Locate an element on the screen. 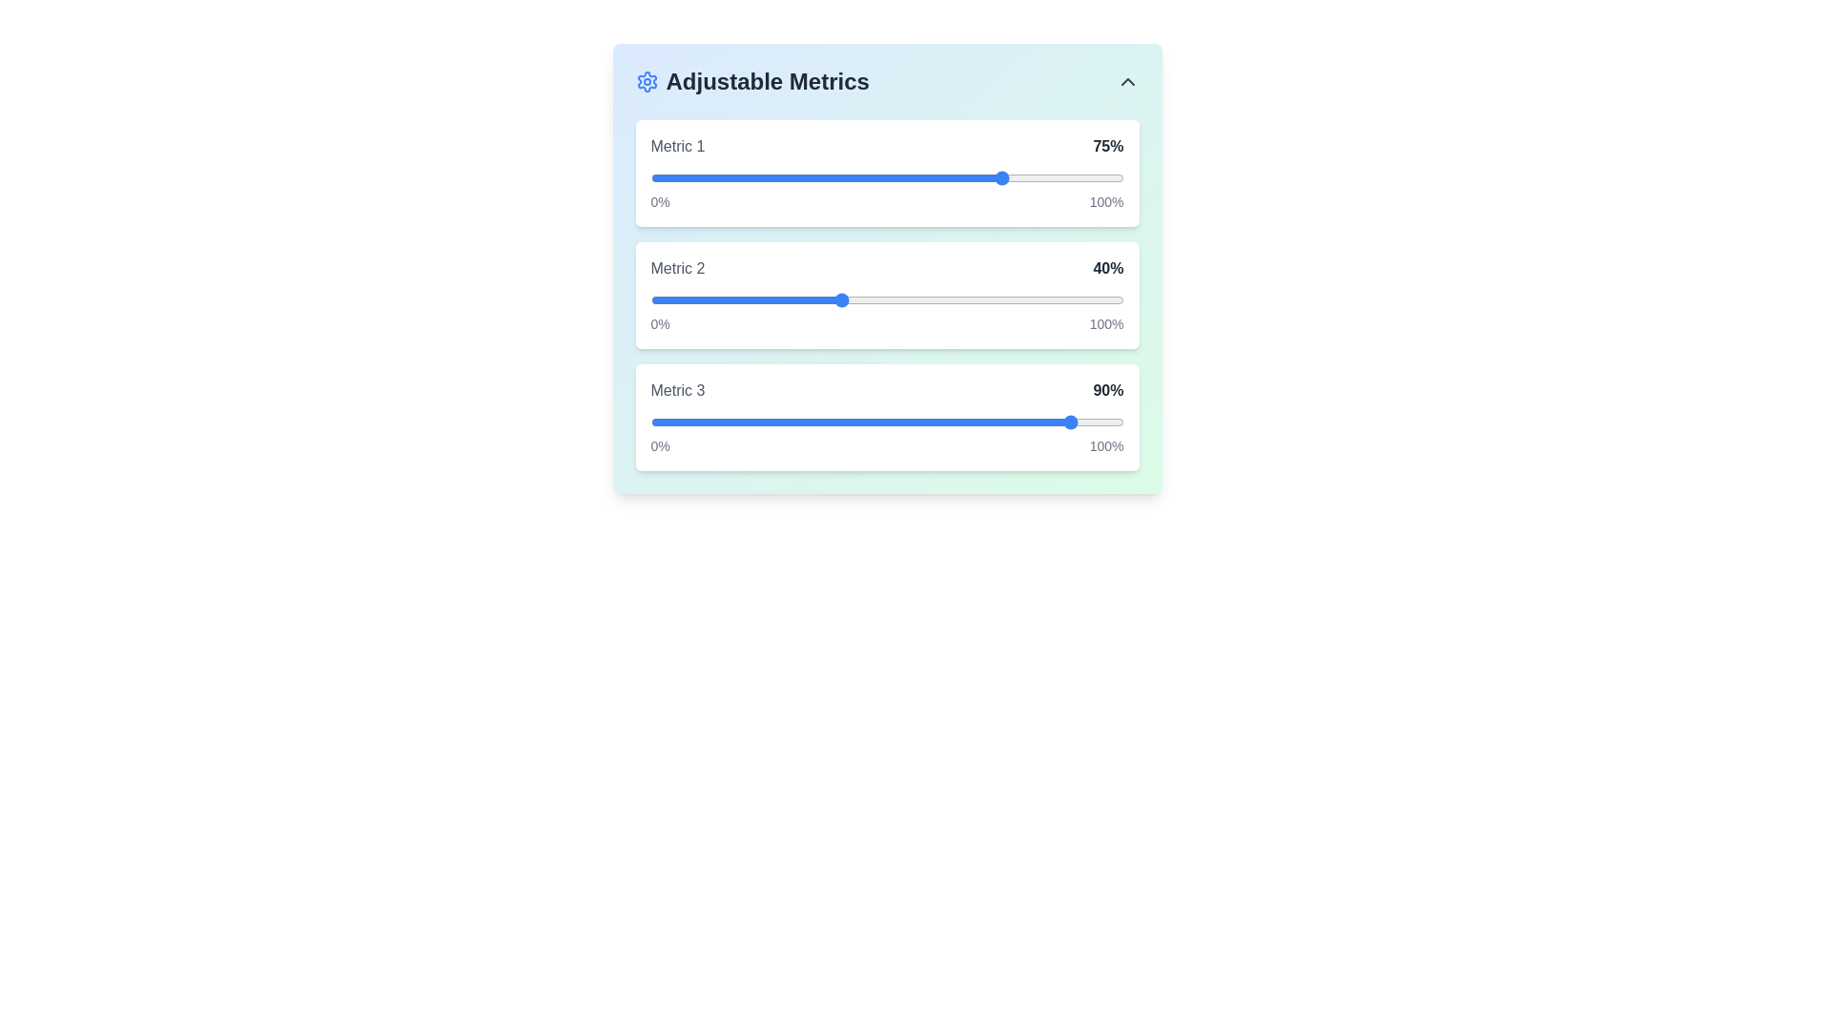 The height and width of the screenshot is (1030, 1831). the static text label displaying '100%' located at the far-right end of a text pair next to a horizontal slider is located at coordinates (1106, 322).